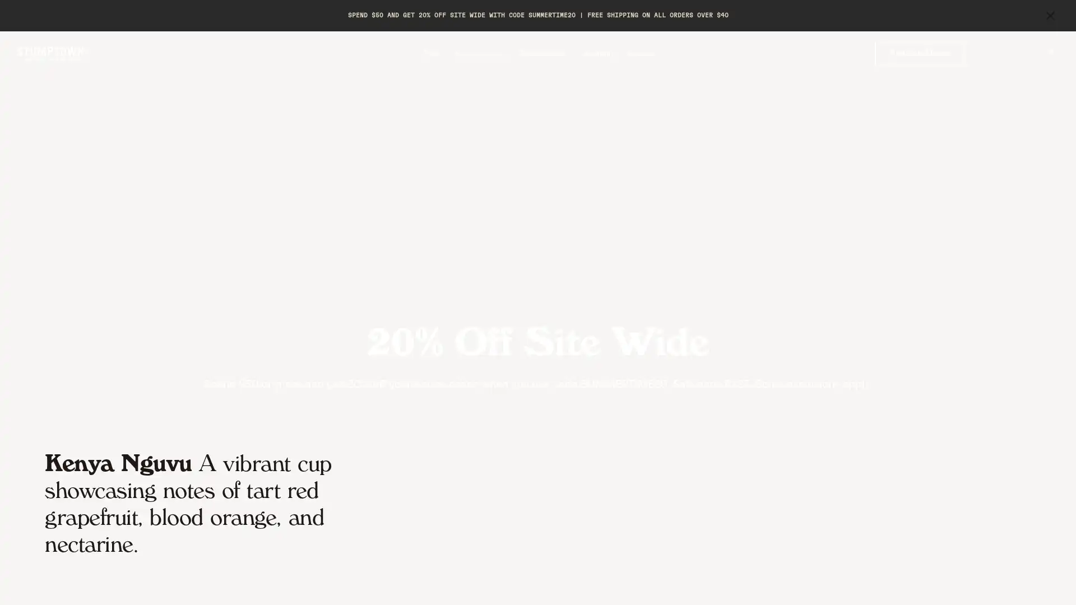  What do you see at coordinates (448, 338) in the screenshot?
I see `SIGN UP` at bounding box center [448, 338].